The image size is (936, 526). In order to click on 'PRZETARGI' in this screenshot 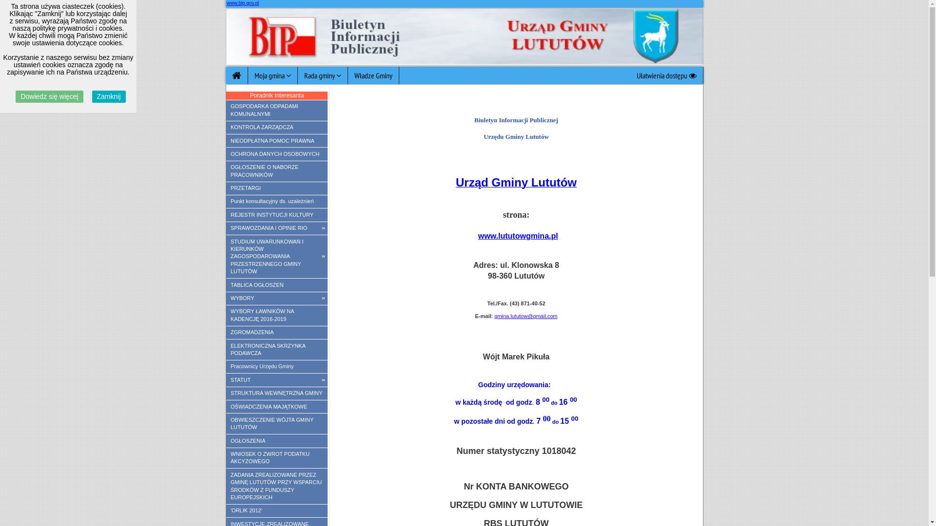, I will do `click(226, 188)`.